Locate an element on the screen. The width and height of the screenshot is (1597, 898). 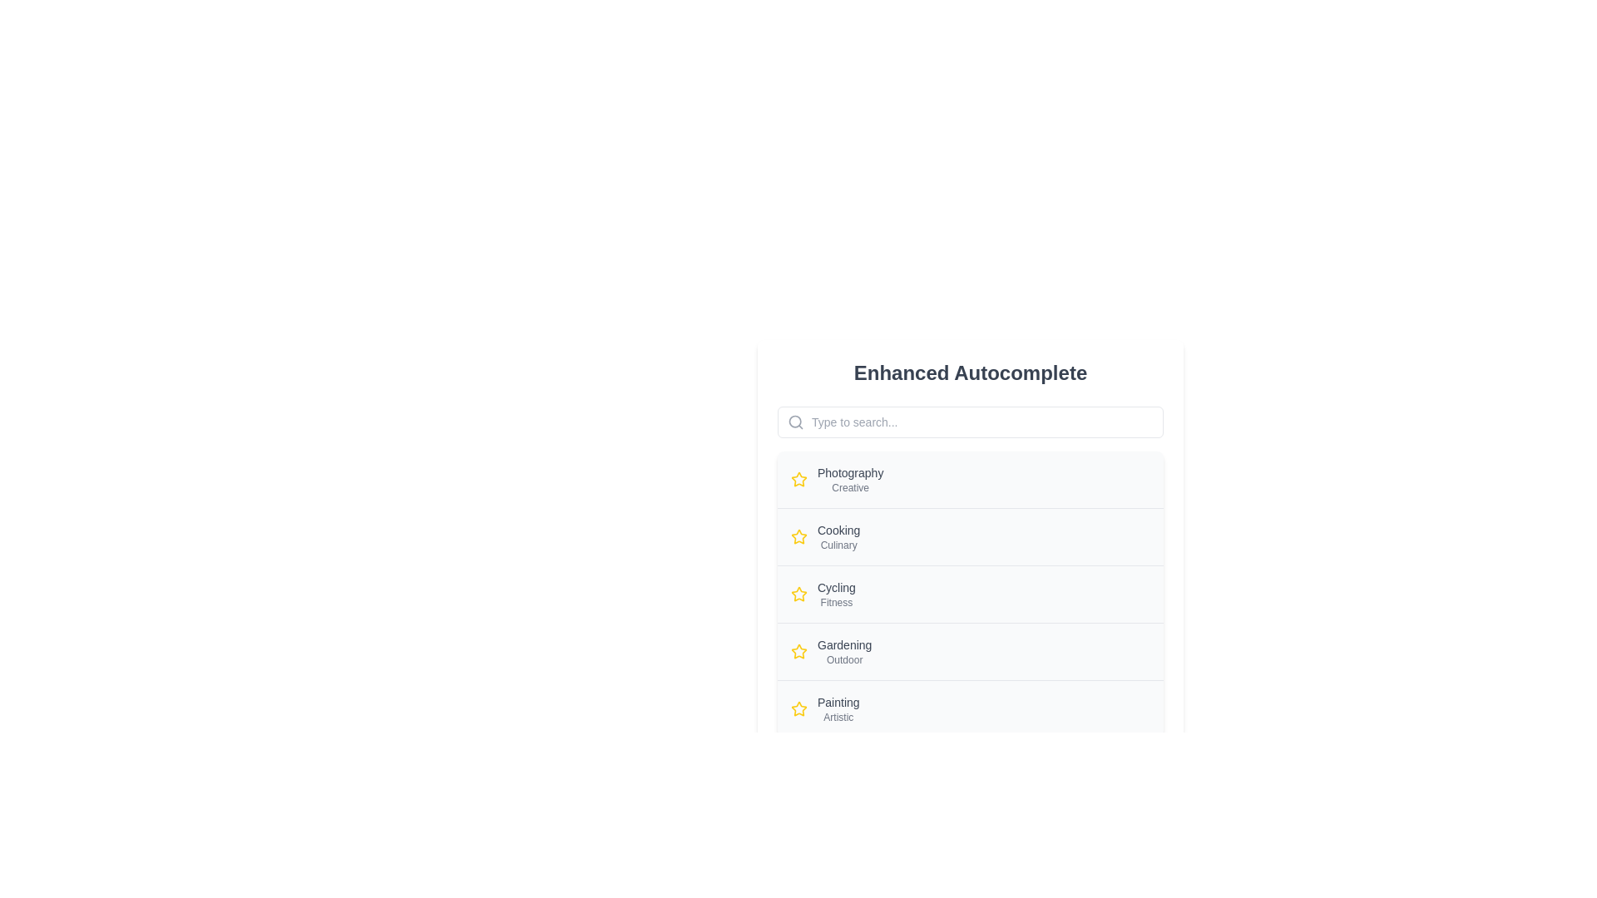
the inner circle of the search icon to trigger potential visual feedback is located at coordinates (794, 421).